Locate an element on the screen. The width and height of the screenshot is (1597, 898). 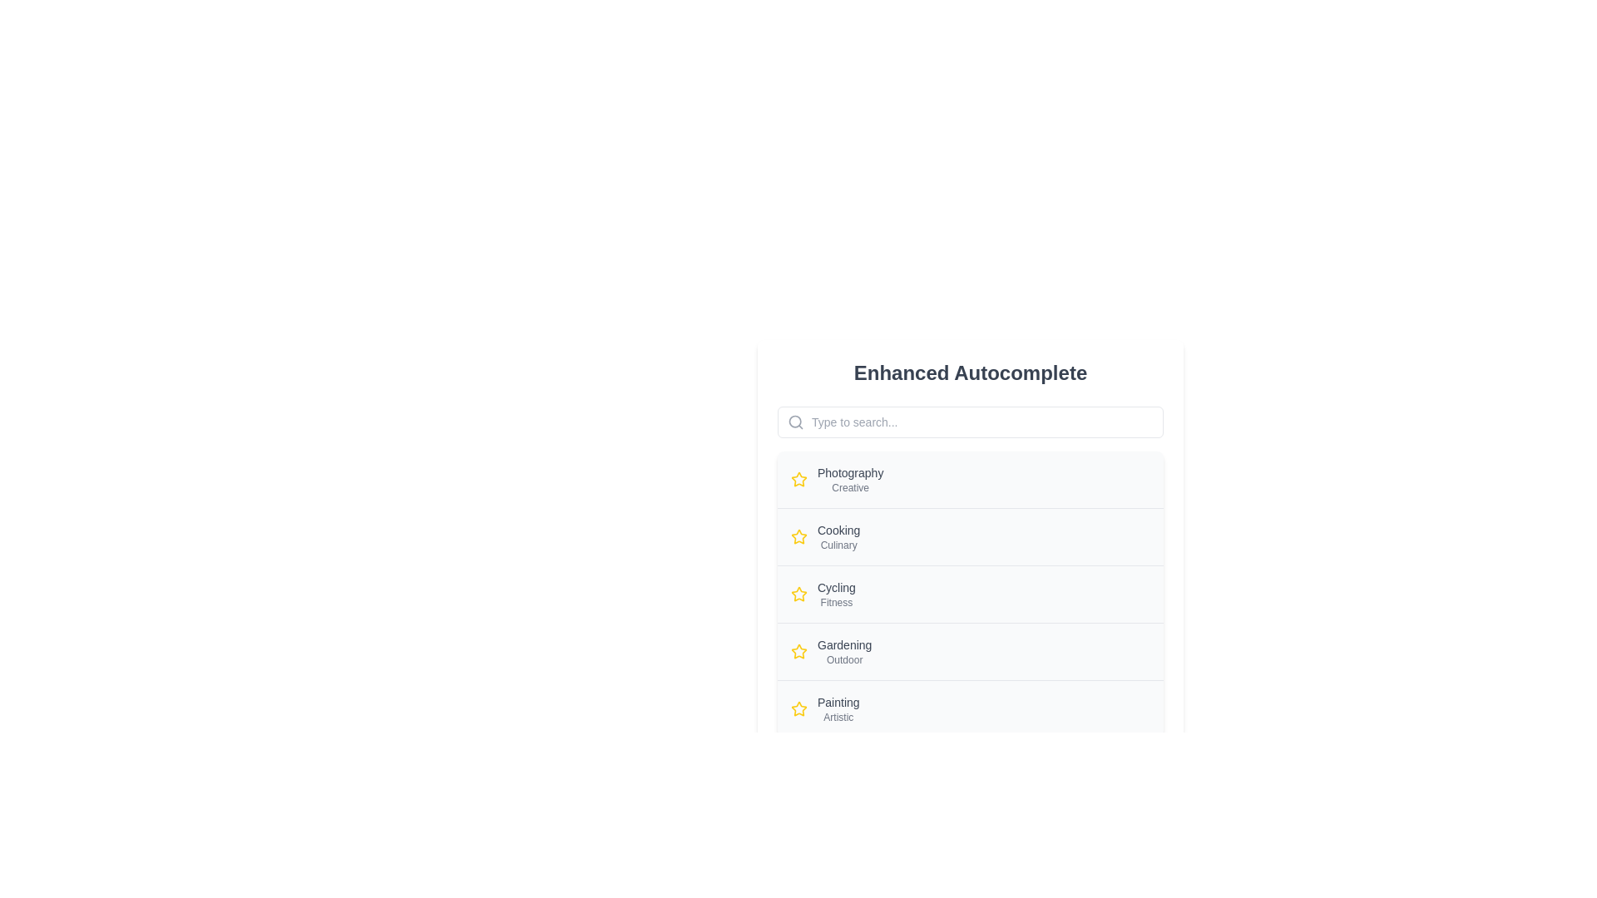
the inner circle of the search icon to trigger potential visual feedback is located at coordinates (794, 421).